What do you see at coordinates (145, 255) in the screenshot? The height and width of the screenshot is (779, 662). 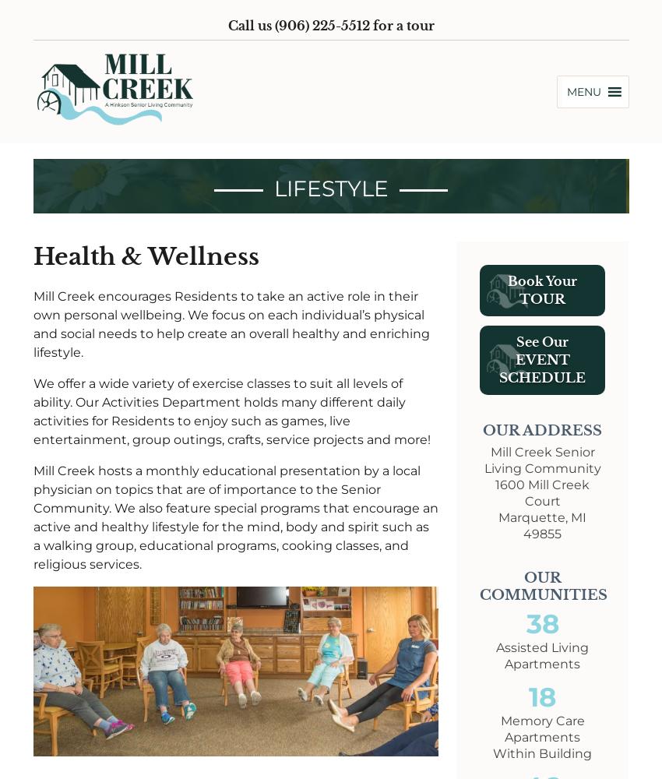 I see `'Health & Wellness'` at bounding box center [145, 255].